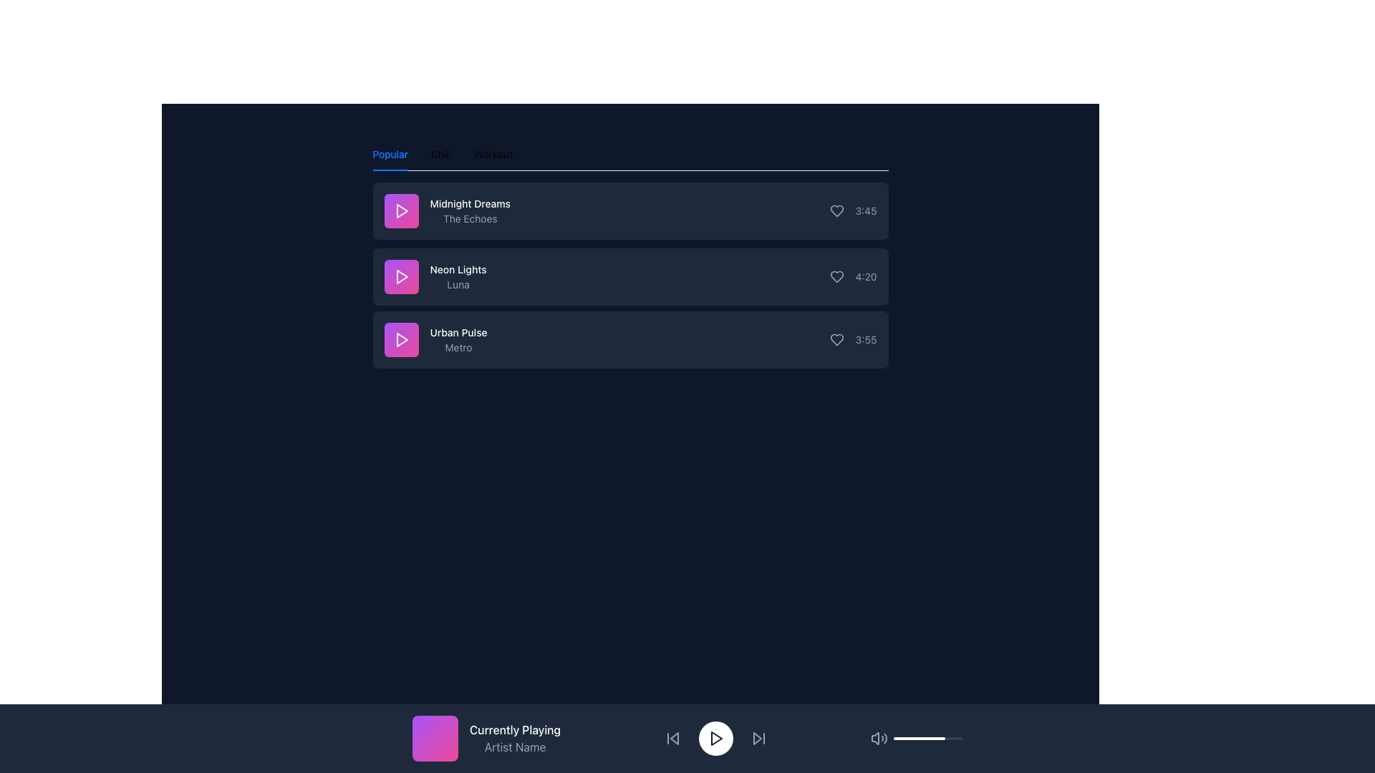 The height and width of the screenshot is (773, 1375). Describe the element at coordinates (756, 739) in the screenshot. I see `the small triangular fast-forward button icon located to the right of the play button in the media control section` at that location.